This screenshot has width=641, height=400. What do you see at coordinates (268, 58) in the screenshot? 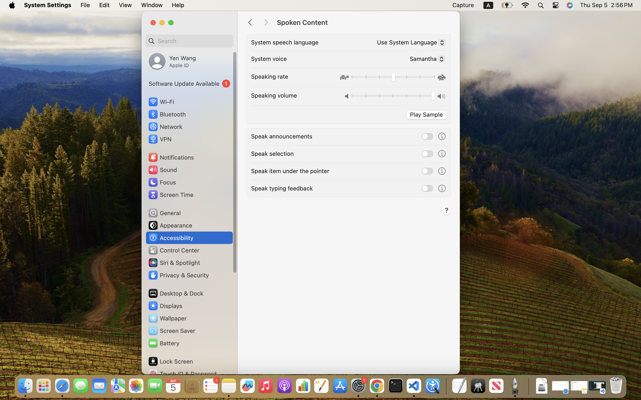
I see `'System voice'` at bounding box center [268, 58].